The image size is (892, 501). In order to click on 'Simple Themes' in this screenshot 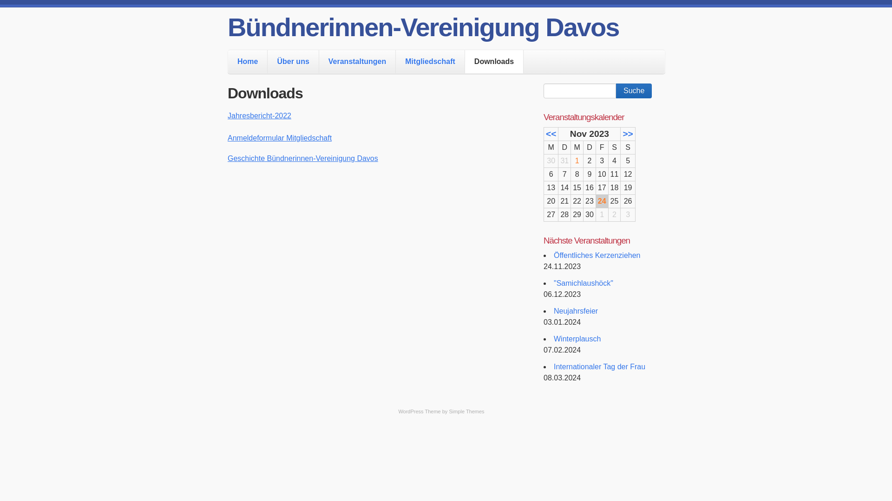, I will do `click(466, 411)`.